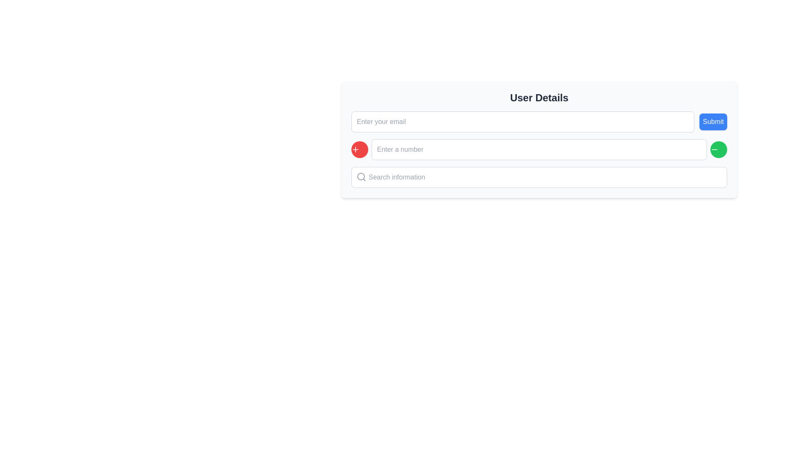 This screenshot has width=808, height=454. I want to click on the email address input field to focus on it, so click(522, 121).